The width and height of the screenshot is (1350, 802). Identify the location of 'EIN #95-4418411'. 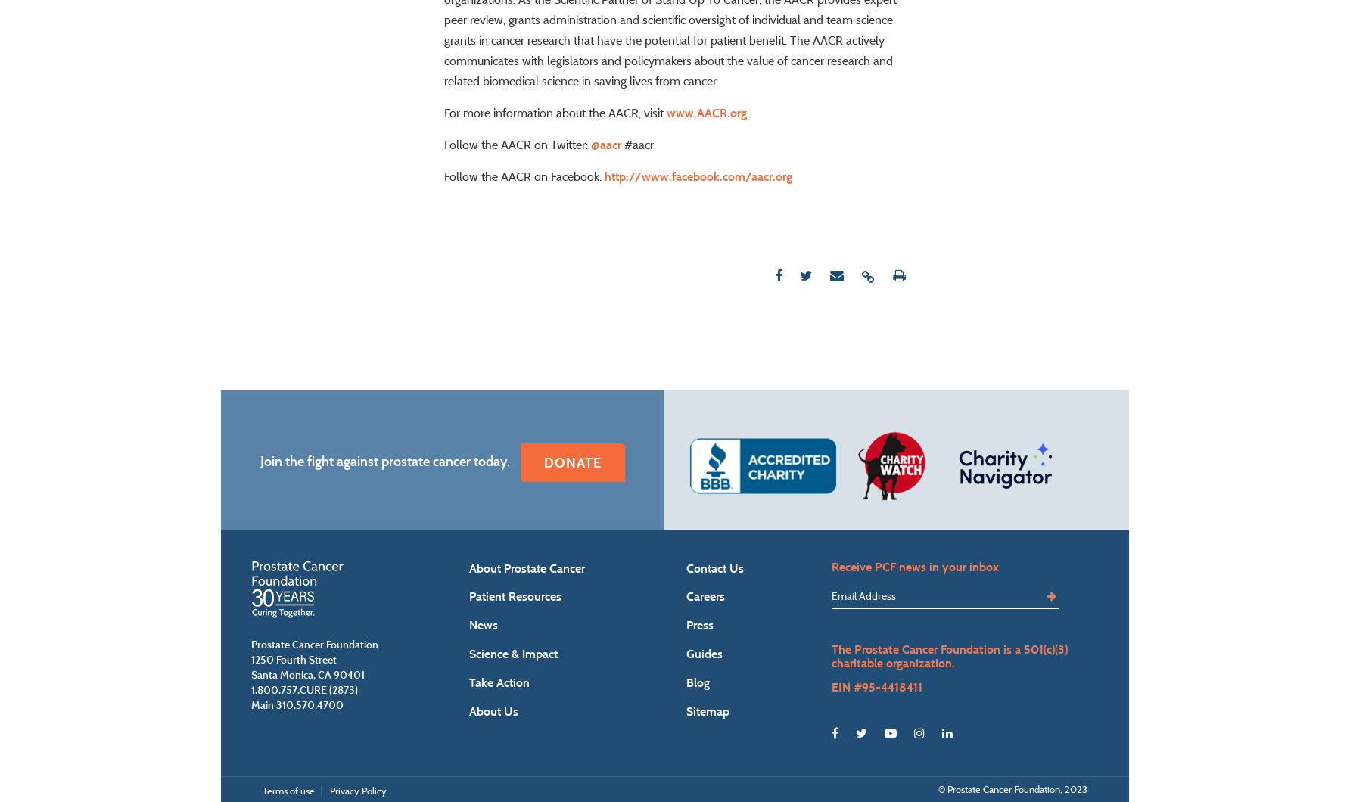
(876, 730).